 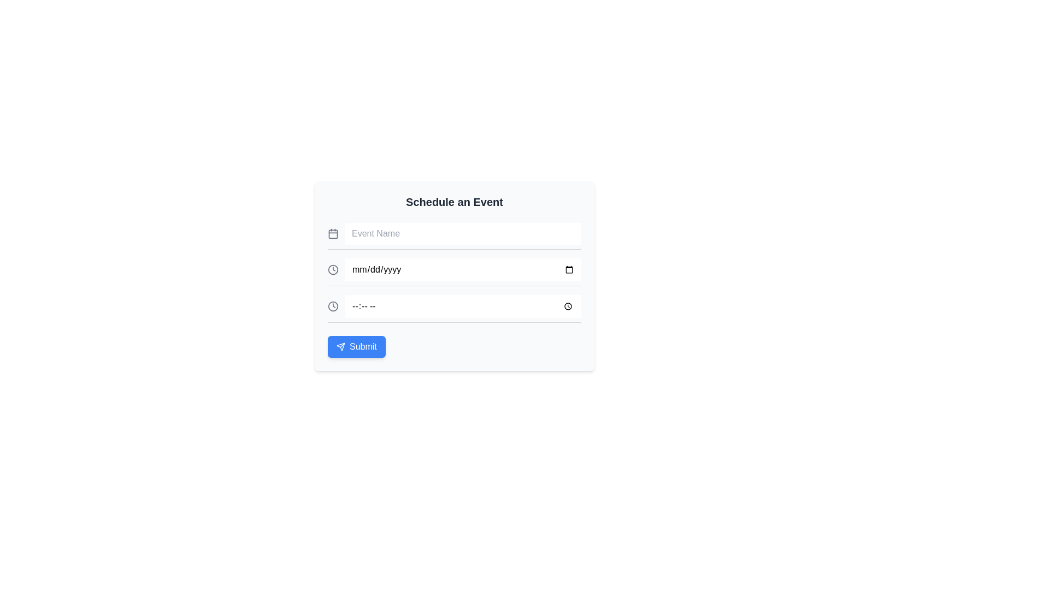 I want to click on the central circle of the minimalist clock icon, which is visually described as an SVG shape with a radius of 10 units, positioned to the left of the time input field labeled '--:--', so click(x=332, y=306).